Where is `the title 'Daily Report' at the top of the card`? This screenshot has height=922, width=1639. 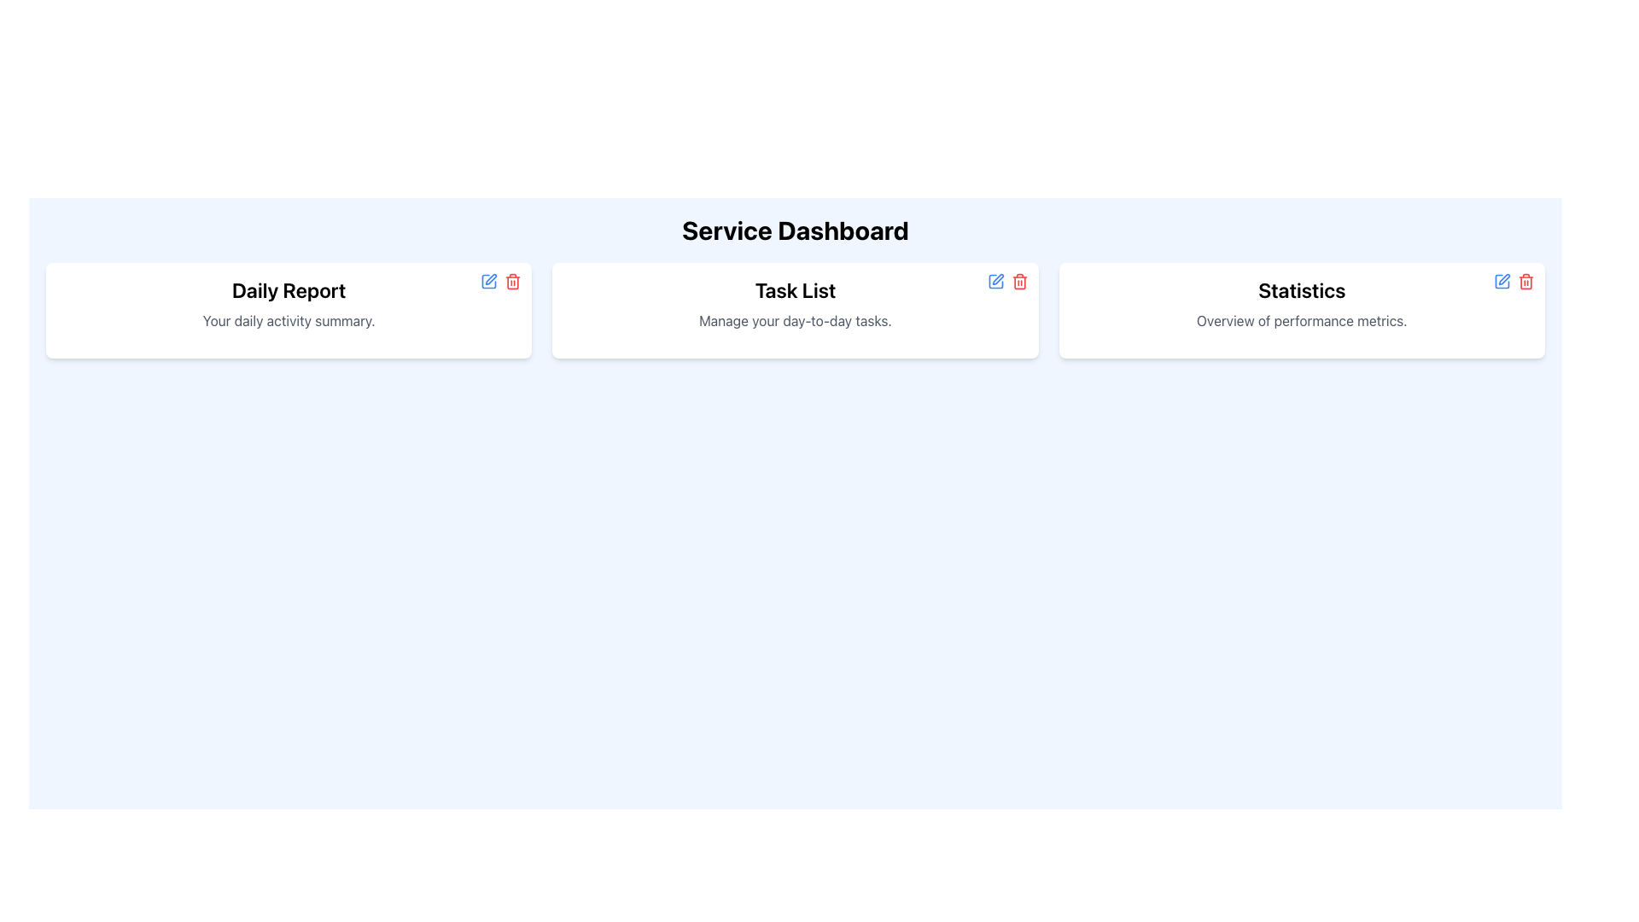 the title 'Daily Report' at the top of the card is located at coordinates (289, 289).